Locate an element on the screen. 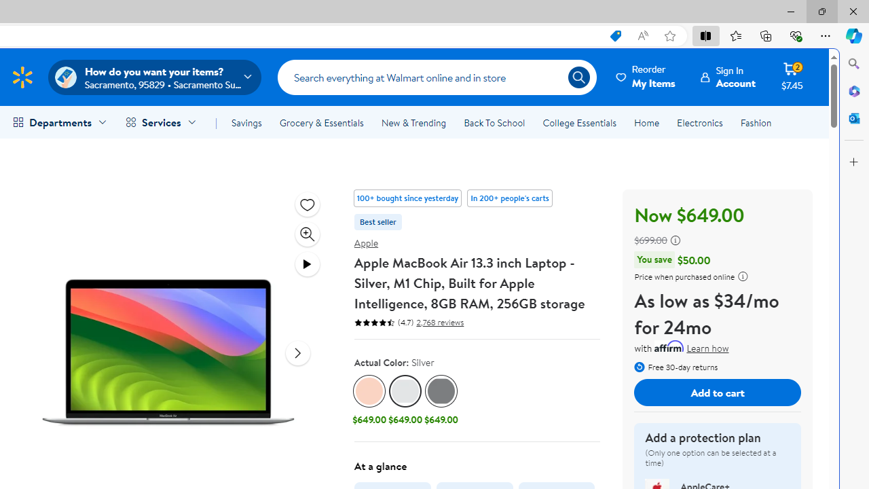 The width and height of the screenshot is (869, 489). 'College Essentials' is located at coordinates (579, 123).